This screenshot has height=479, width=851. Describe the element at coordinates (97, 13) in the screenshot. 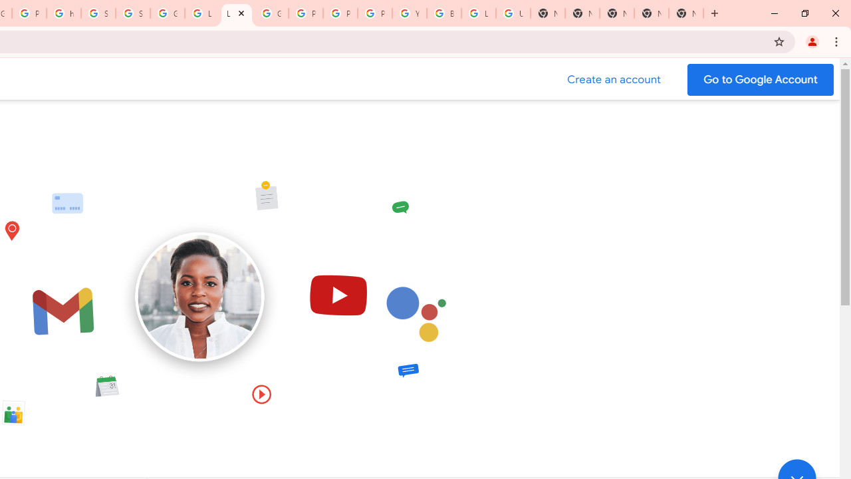

I see `'Sign in - Google Accounts'` at that location.